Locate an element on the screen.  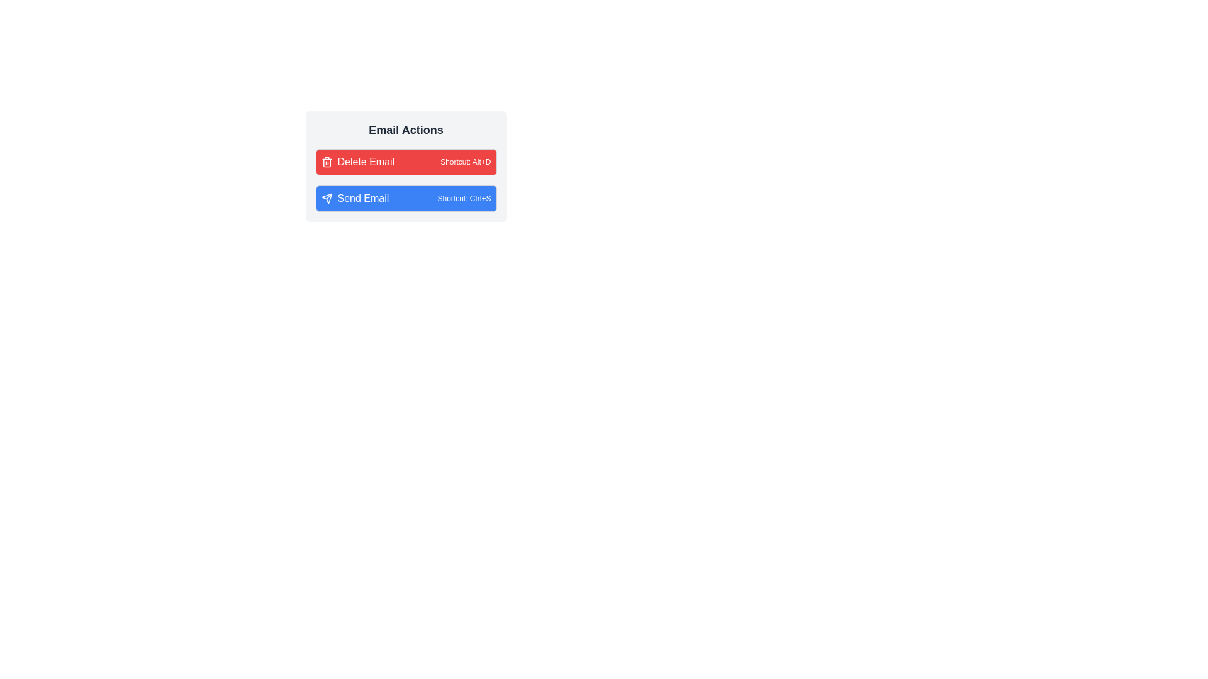
the send icon represented by a paper plane, which is styled in blue and located within the 'Send Email' button, to the left of the text label is located at coordinates (327, 198).